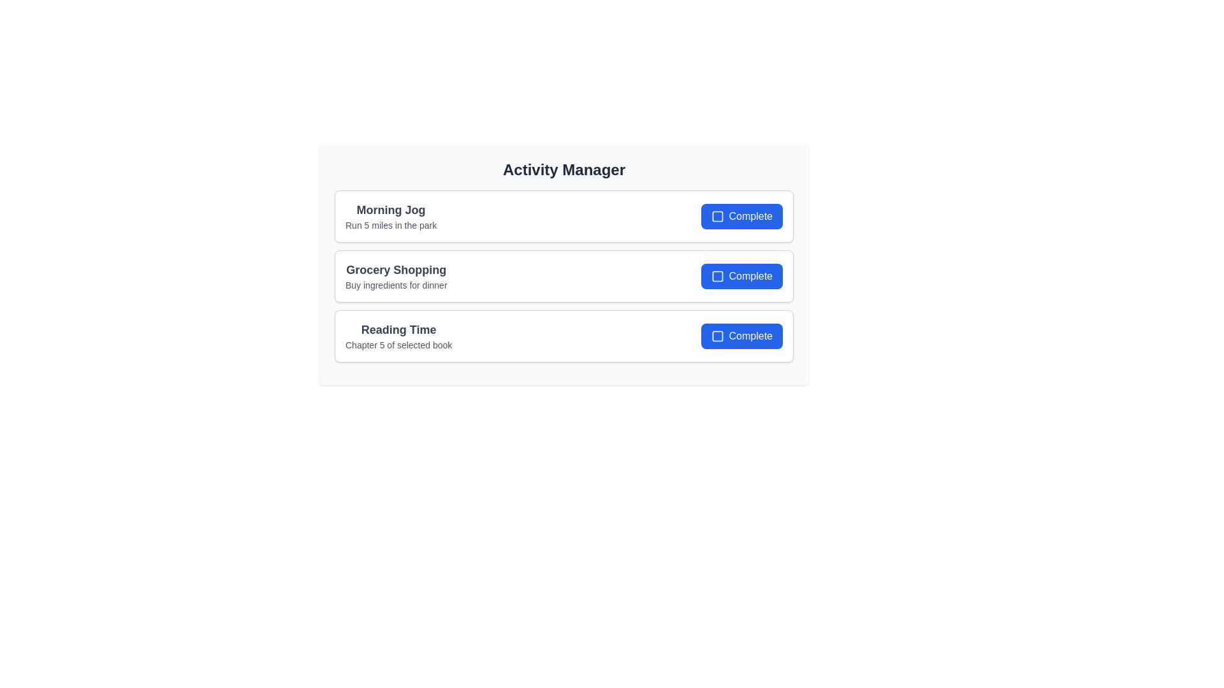 The height and width of the screenshot is (688, 1224). What do you see at coordinates (750, 336) in the screenshot?
I see `the text label 'Complete' which is part of a button UI component styled as a rounded rectangle with a blue background, located in the third row of the interface next to 'Reading Time'` at bounding box center [750, 336].